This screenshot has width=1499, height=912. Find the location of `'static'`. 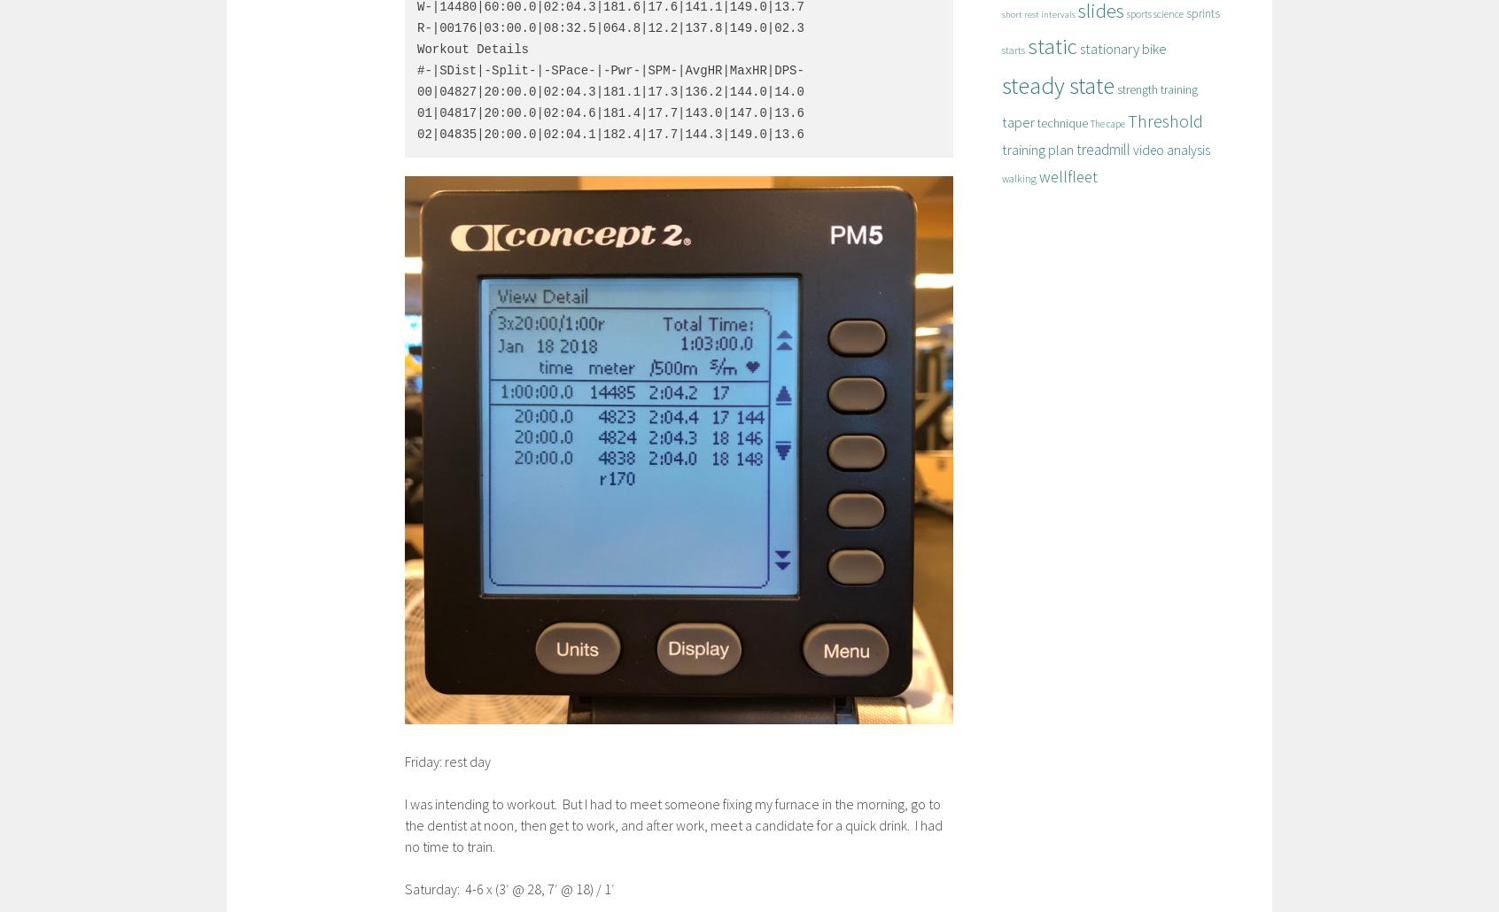

'static' is located at coordinates (1051, 46).